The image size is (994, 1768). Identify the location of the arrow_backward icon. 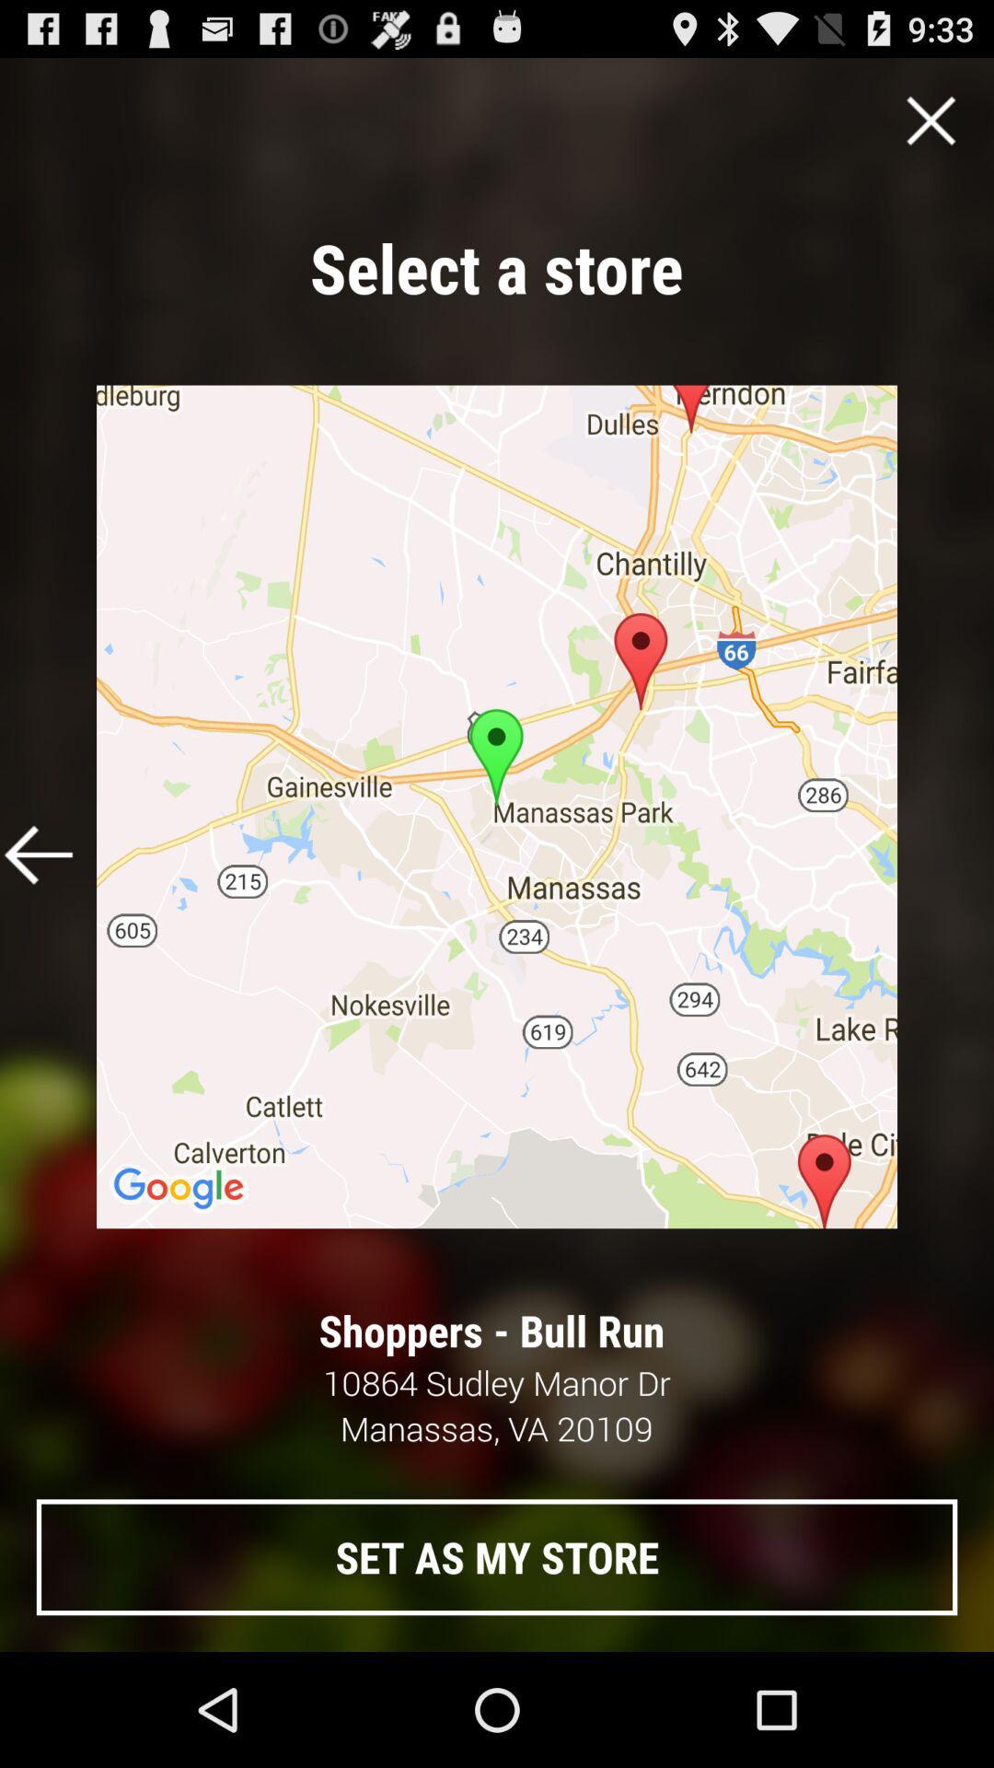
(39, 914).